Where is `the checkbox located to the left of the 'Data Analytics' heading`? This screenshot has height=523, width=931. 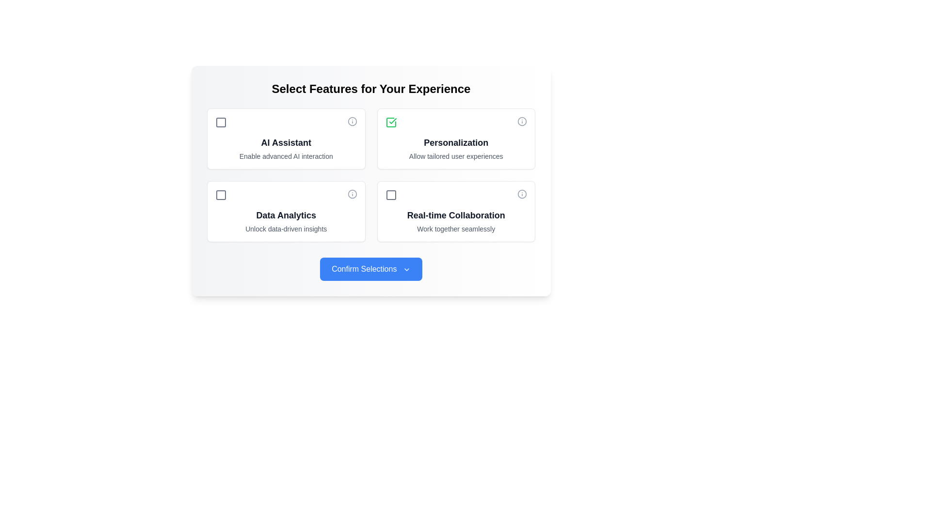
the checkbox located to the left of the 'Data Analytics' heading is located at coordinates (221, 195).